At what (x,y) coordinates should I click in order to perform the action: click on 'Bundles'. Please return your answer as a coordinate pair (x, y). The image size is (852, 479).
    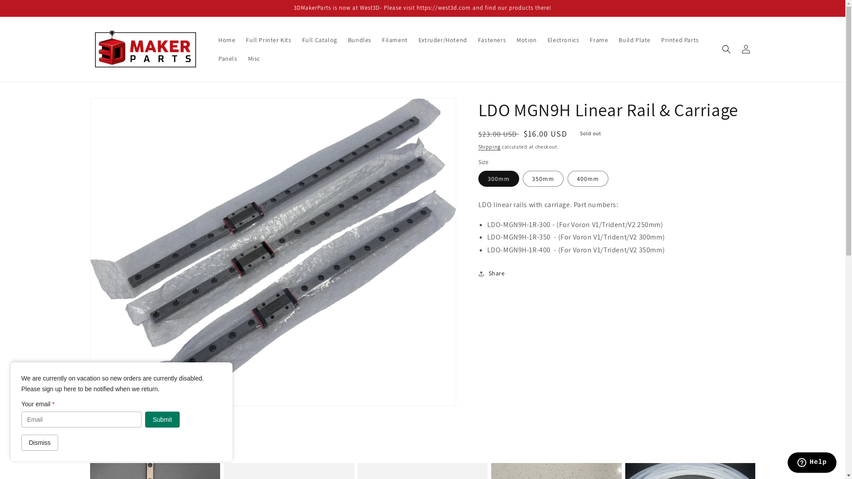
    Looking at the image, I should click on (359, 39).